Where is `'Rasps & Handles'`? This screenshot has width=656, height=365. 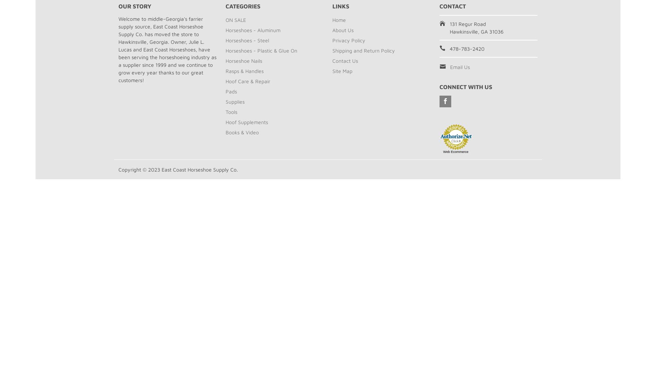 'Rasps & Handles' is located at coordinates (244, 70).